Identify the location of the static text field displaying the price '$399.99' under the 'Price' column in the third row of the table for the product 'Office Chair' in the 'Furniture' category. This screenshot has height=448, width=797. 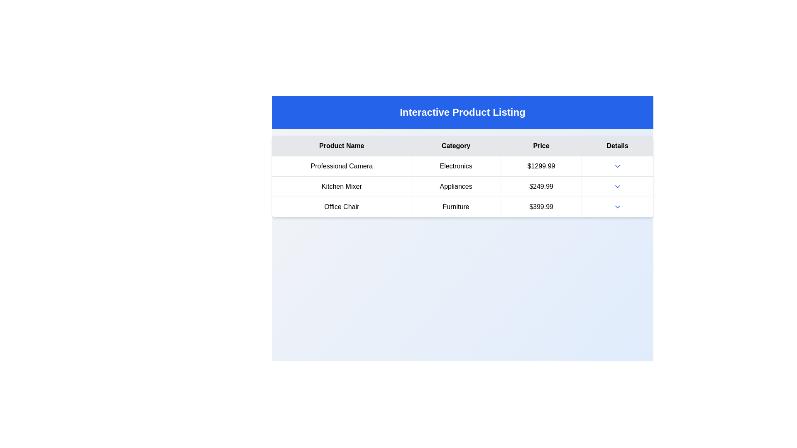
(541, 206).